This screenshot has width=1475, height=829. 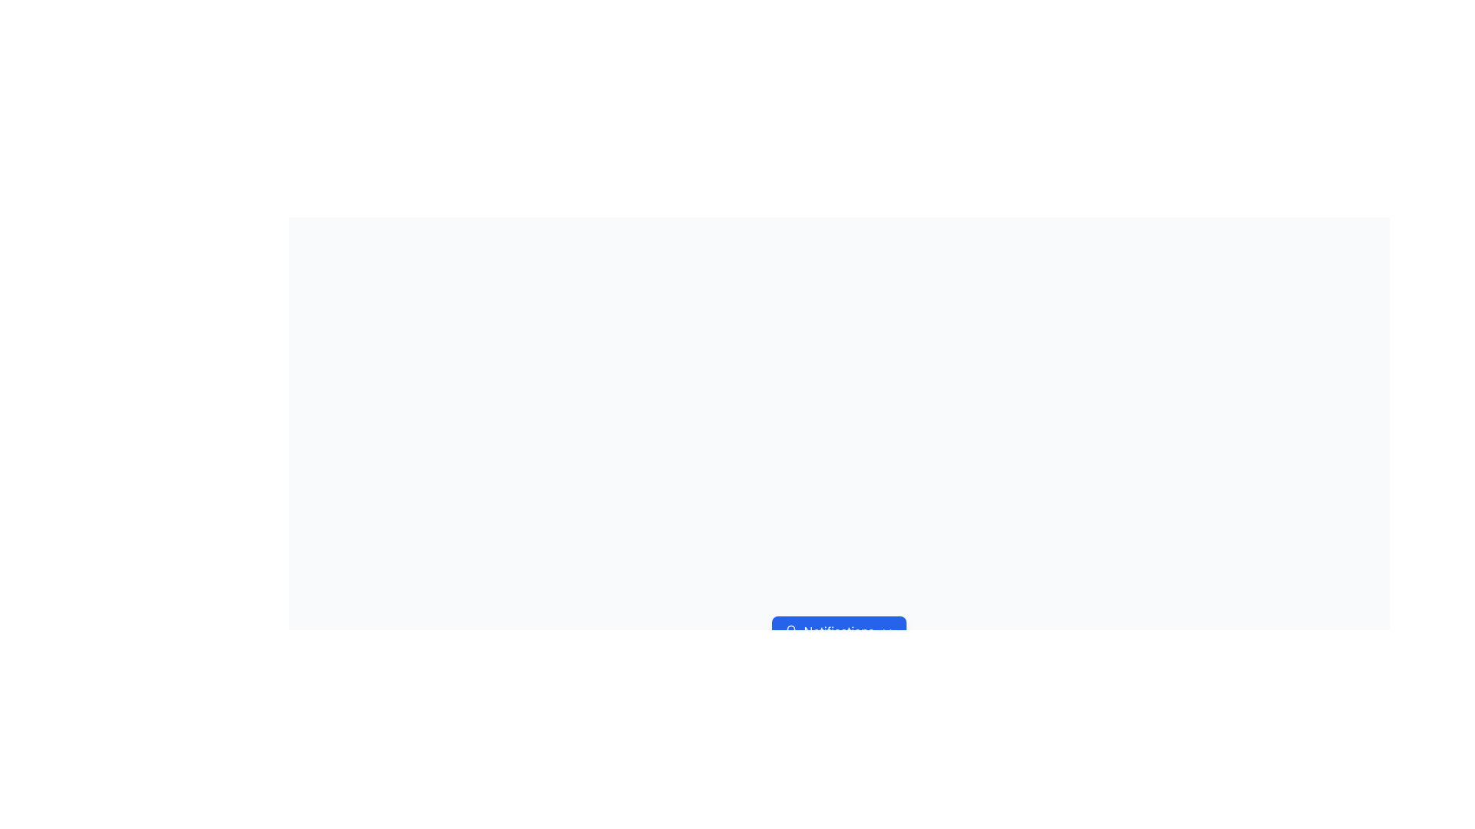 I want to click on the collapsible/expandable icon located on the far right side of the 'Notifications' button to initiate the hover effect, so click(x=887, y=631).